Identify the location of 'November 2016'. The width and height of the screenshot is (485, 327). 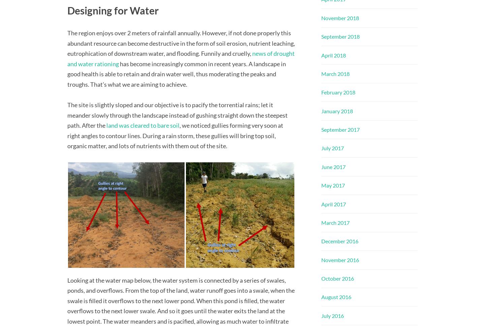
(340, 259).